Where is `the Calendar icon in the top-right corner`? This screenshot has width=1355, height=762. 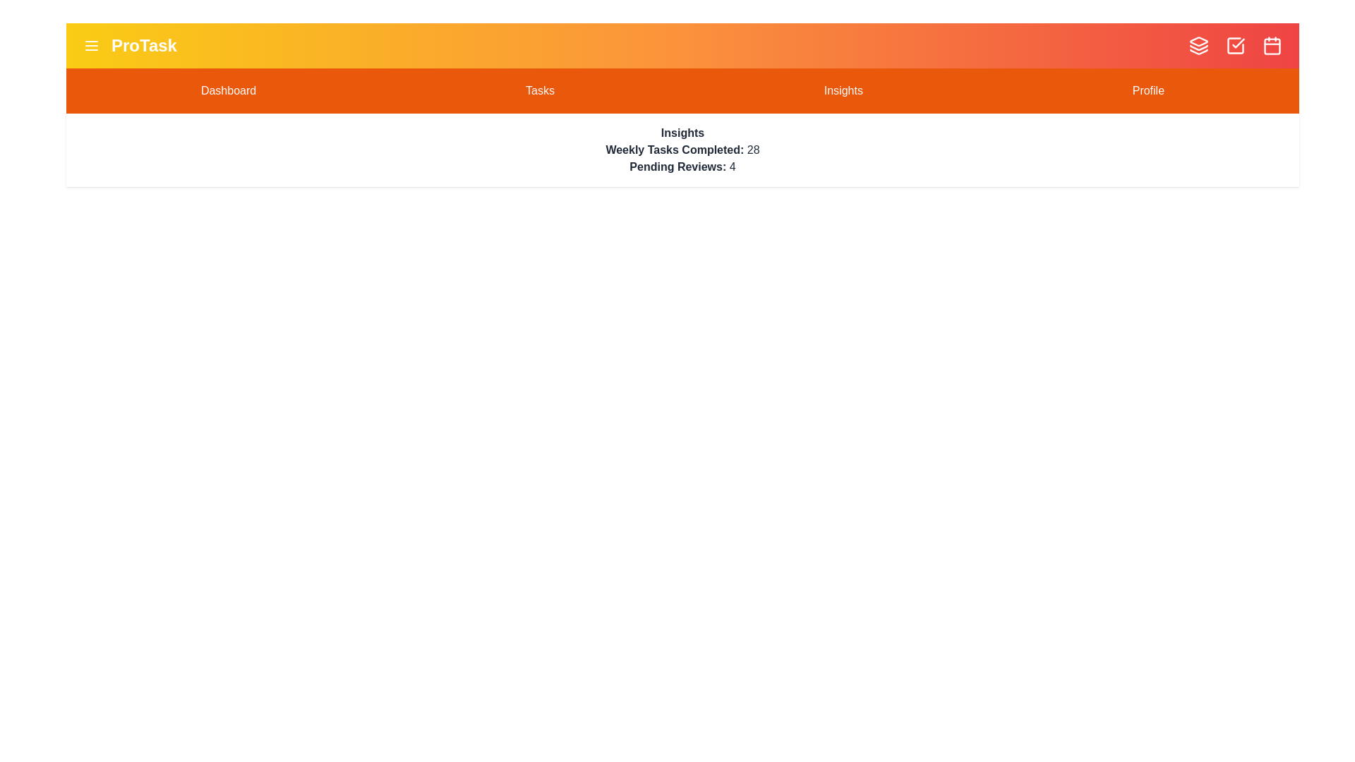 the Calendar icon in the top-right corner is located at coordinates (1272, 45).